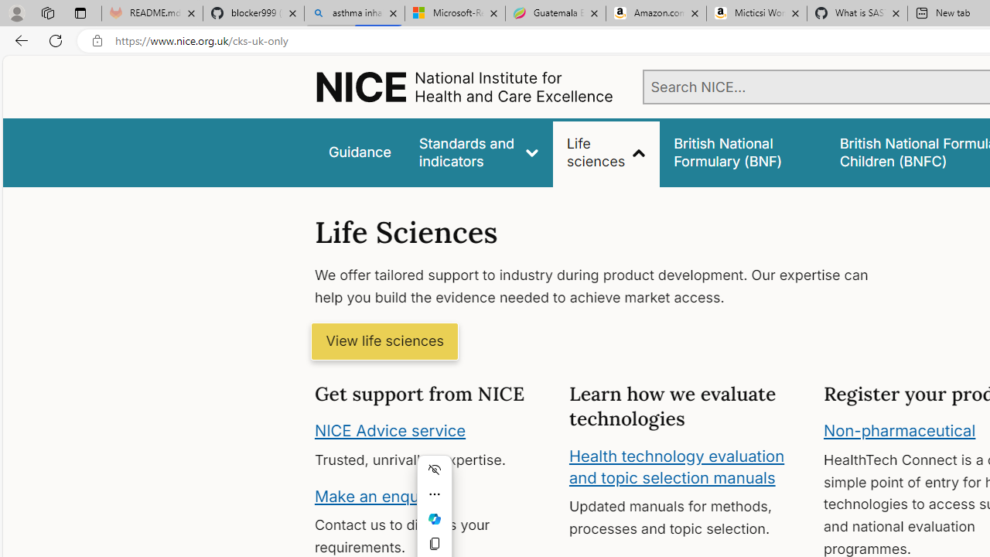  Describe the element at coordinates (353, 13) in the screenshot. I see `'asthma inhaler - Search'` at that location.